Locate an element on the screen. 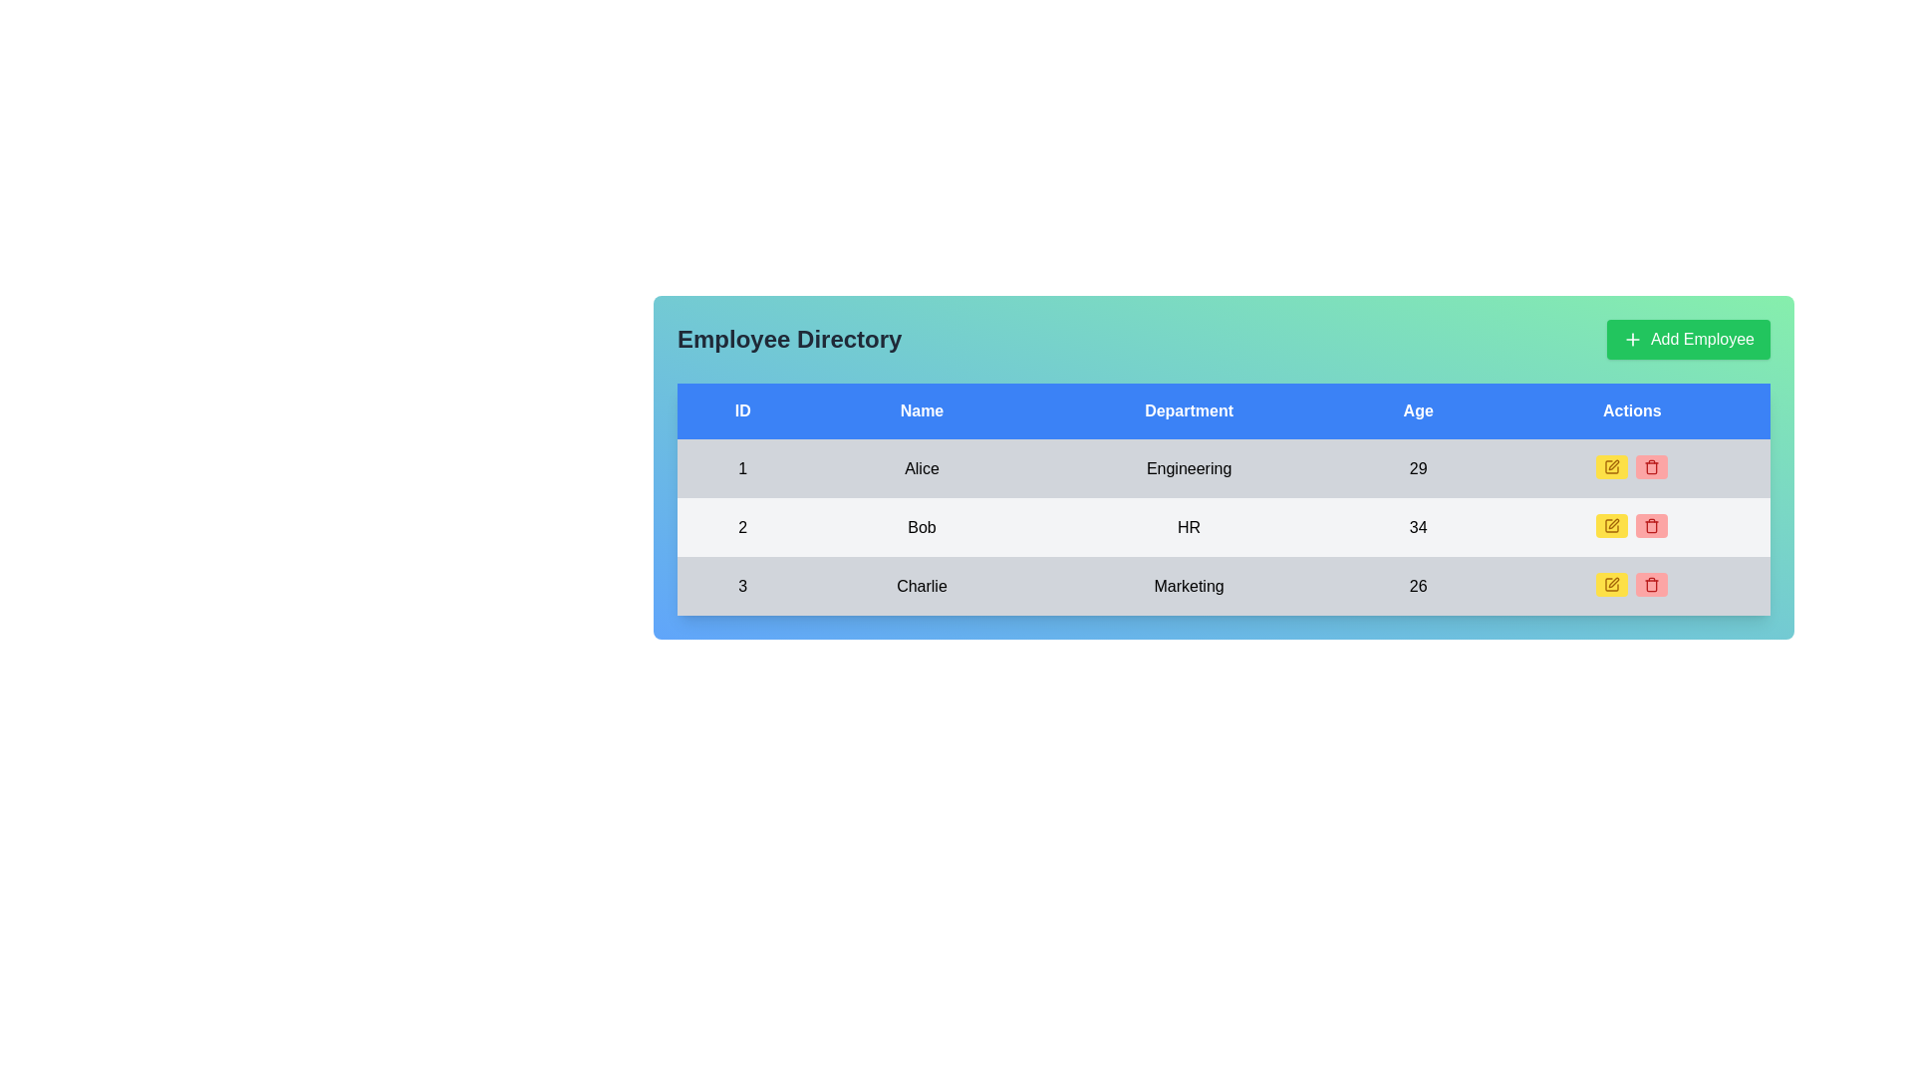  the edit button in the 'Actions' column of the first row in the employee table to initiate the edit action is located at coordinates (1612, 467).